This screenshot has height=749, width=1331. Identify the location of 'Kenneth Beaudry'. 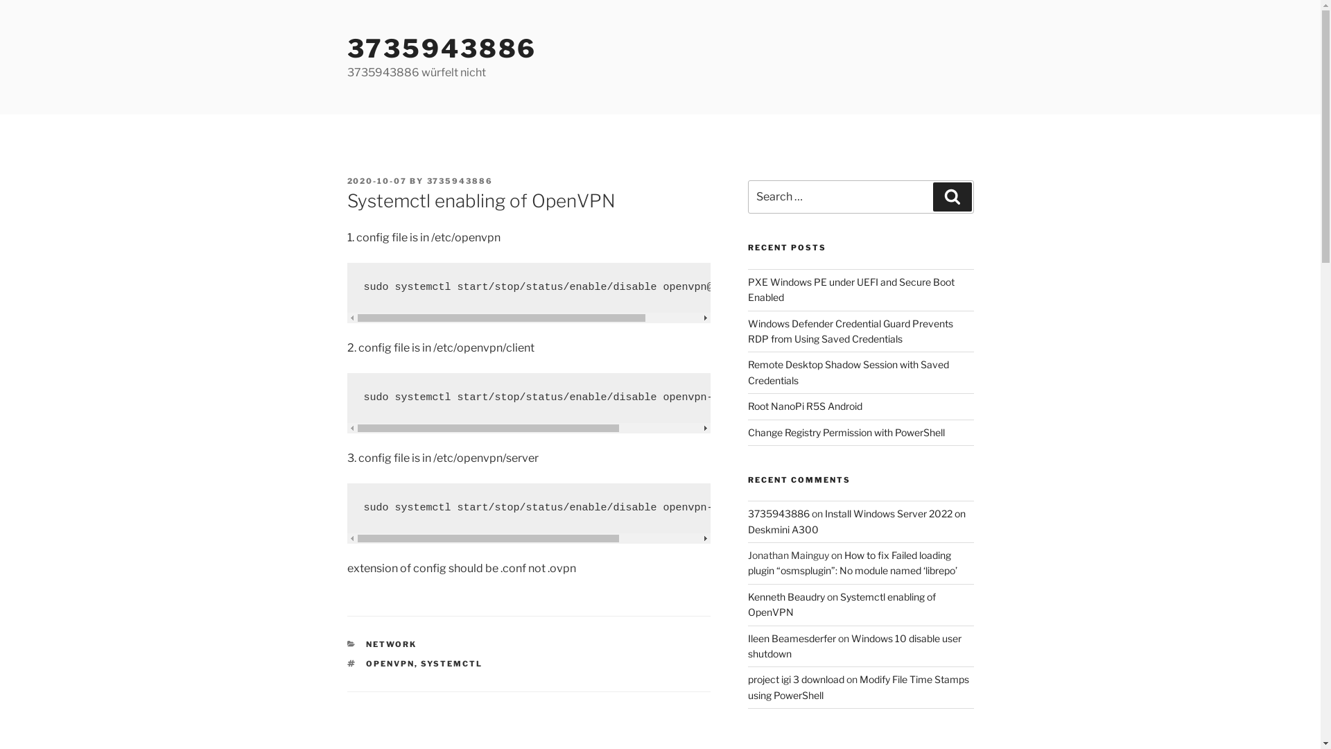
(786, 596).